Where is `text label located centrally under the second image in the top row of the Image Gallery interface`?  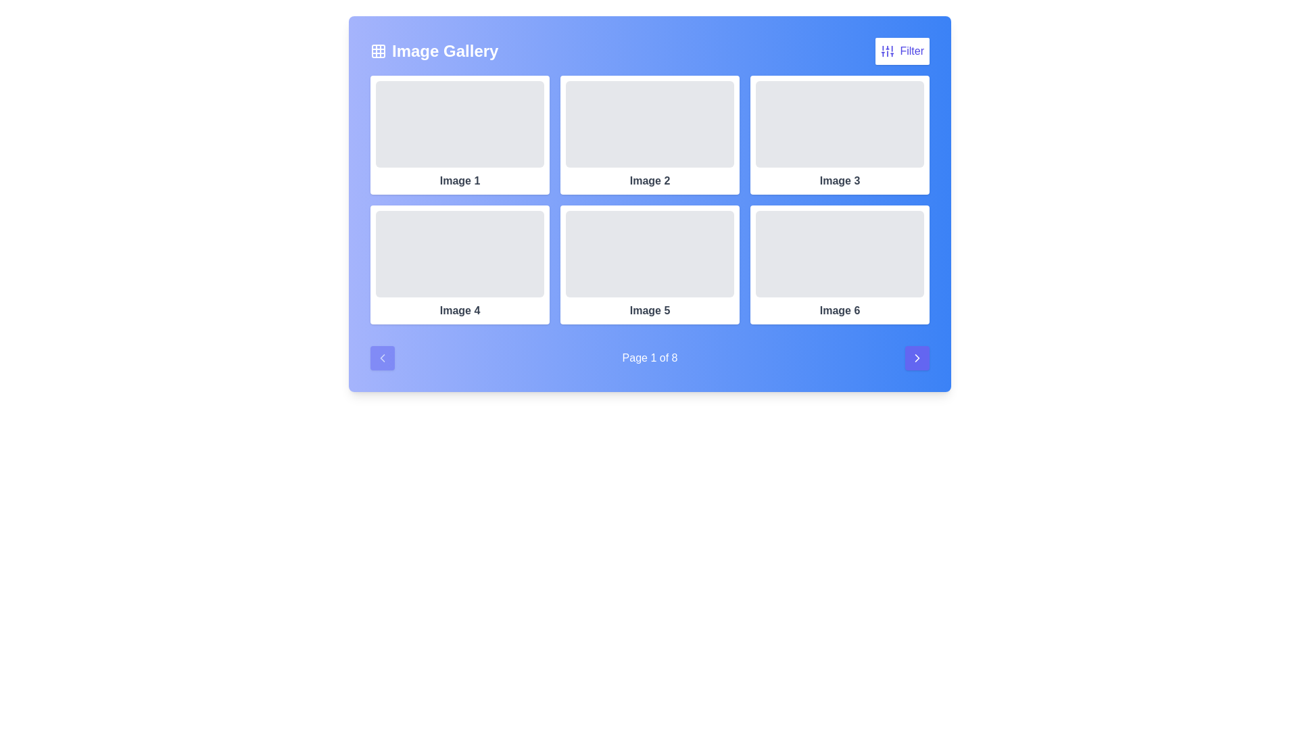
text label located centrally under the second image in the top row of the Image Gallery interface is located at coordinates (650, 180).